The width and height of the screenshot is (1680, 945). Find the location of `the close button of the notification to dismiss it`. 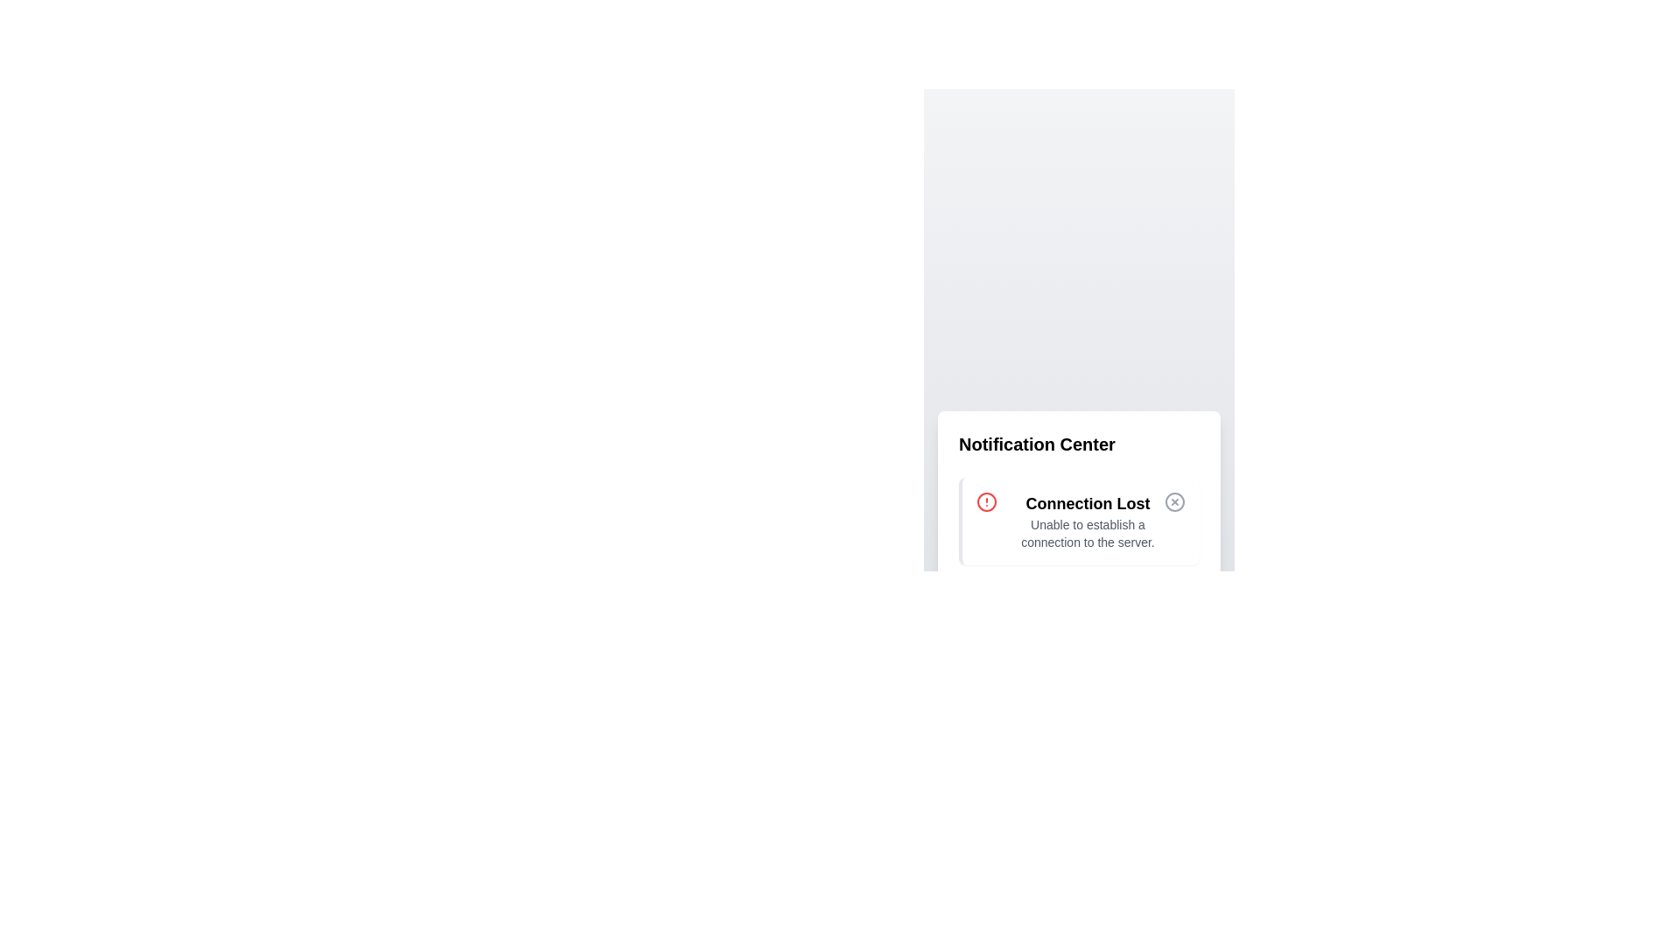

the close button of the notification to dismiss it is located at coordinates (1175, 502).